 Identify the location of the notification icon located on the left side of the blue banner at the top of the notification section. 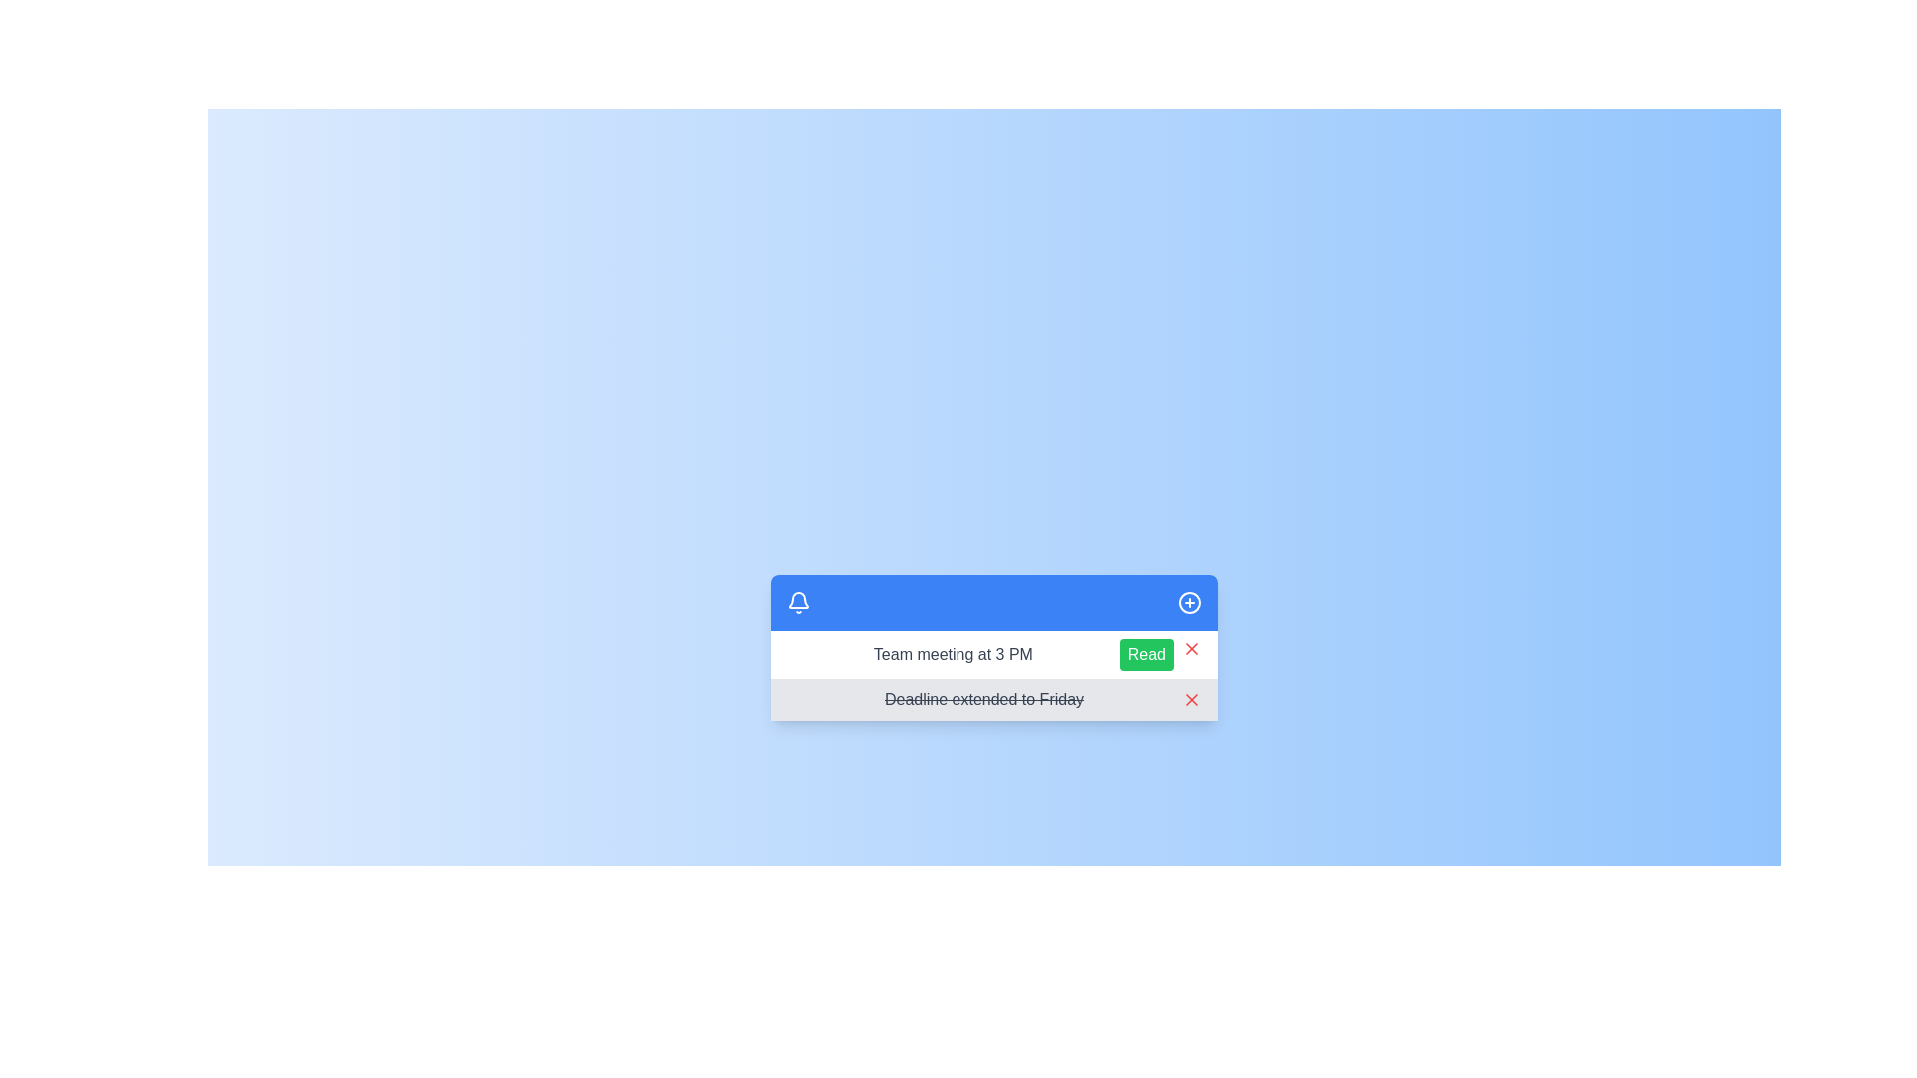
(799, 602).